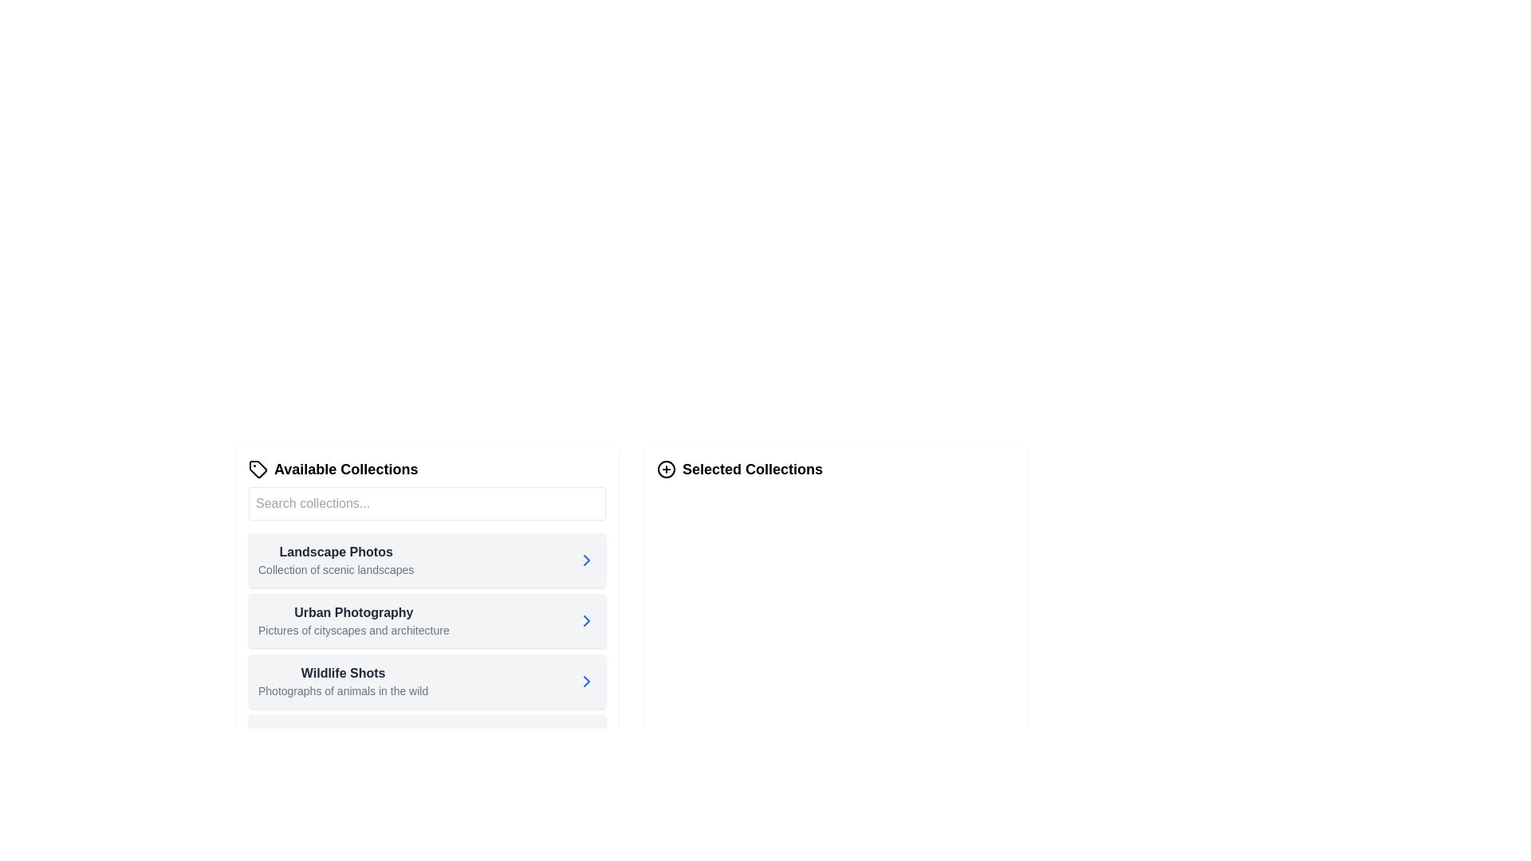 The height and width of the screenshot is (861, 1531). What do you see at coordinates (335, 568) in the screenshot?
I see `the descriptive Text label for the collection titled 'Landscape Photos', which is positioned immediately below the header text and aligned within the card-like structure in the 'Available Collections' section` at bounding box center [335, 568].